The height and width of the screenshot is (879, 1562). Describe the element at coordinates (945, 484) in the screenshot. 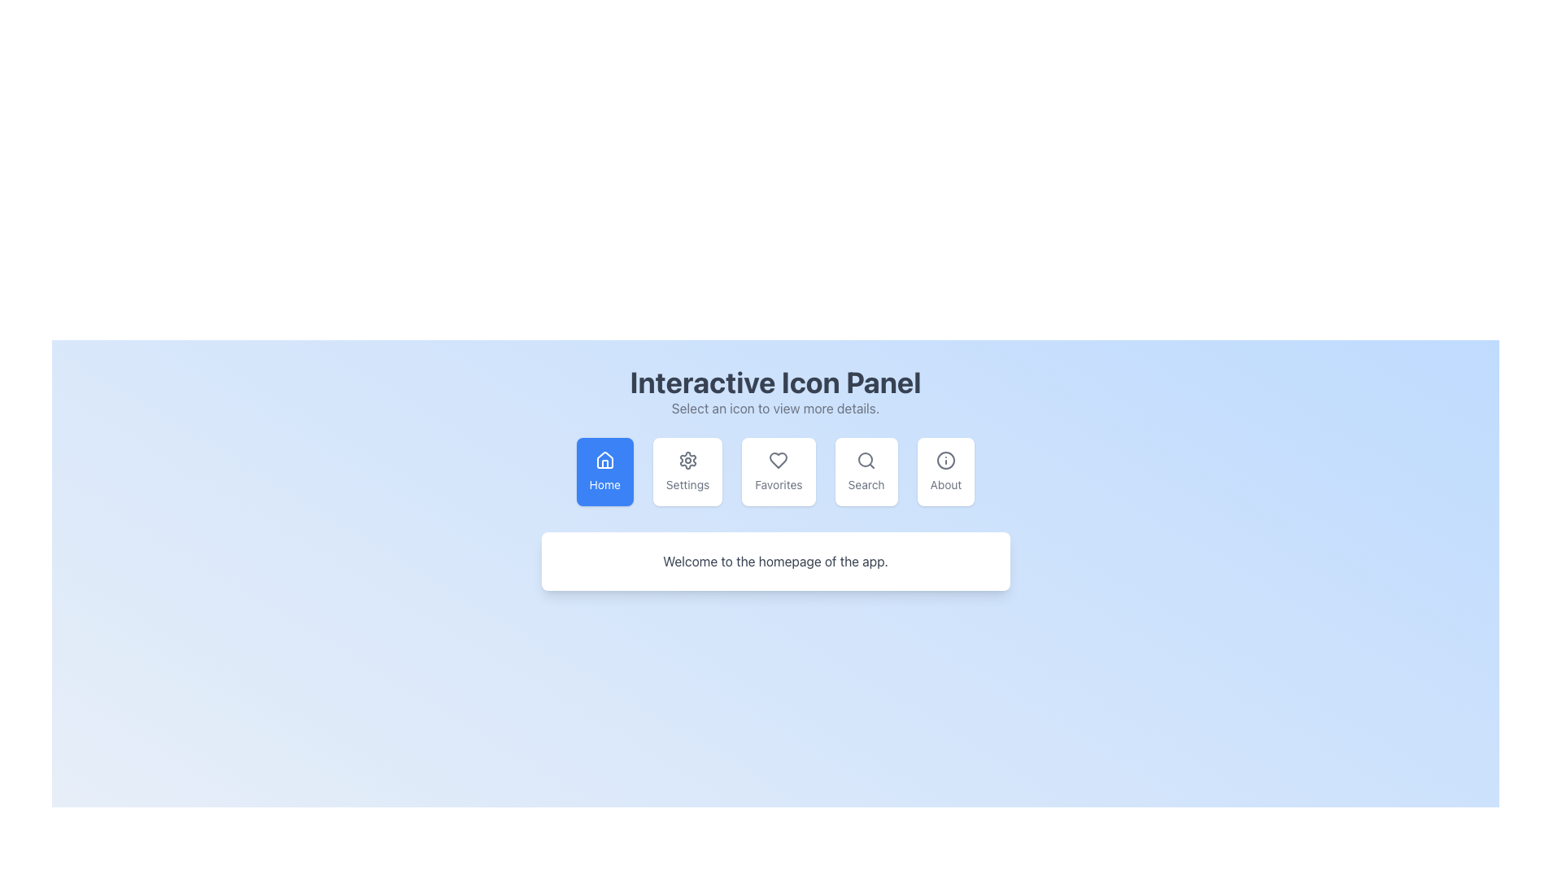

I see `text label indicating the purpose of the 'About' button, located below its icon on the far right of the interactive icon panel` at that location.